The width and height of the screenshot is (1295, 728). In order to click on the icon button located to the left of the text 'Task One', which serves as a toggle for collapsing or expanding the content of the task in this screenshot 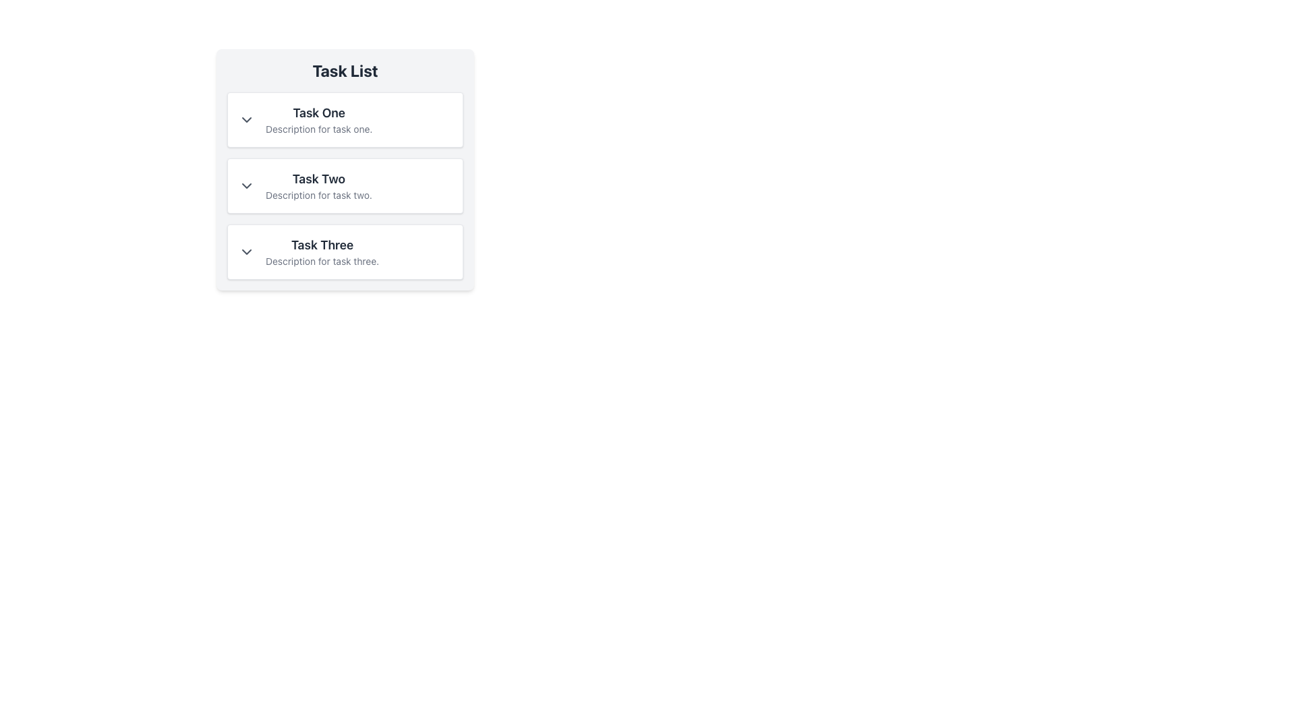, I will do `click(246, 119)`.